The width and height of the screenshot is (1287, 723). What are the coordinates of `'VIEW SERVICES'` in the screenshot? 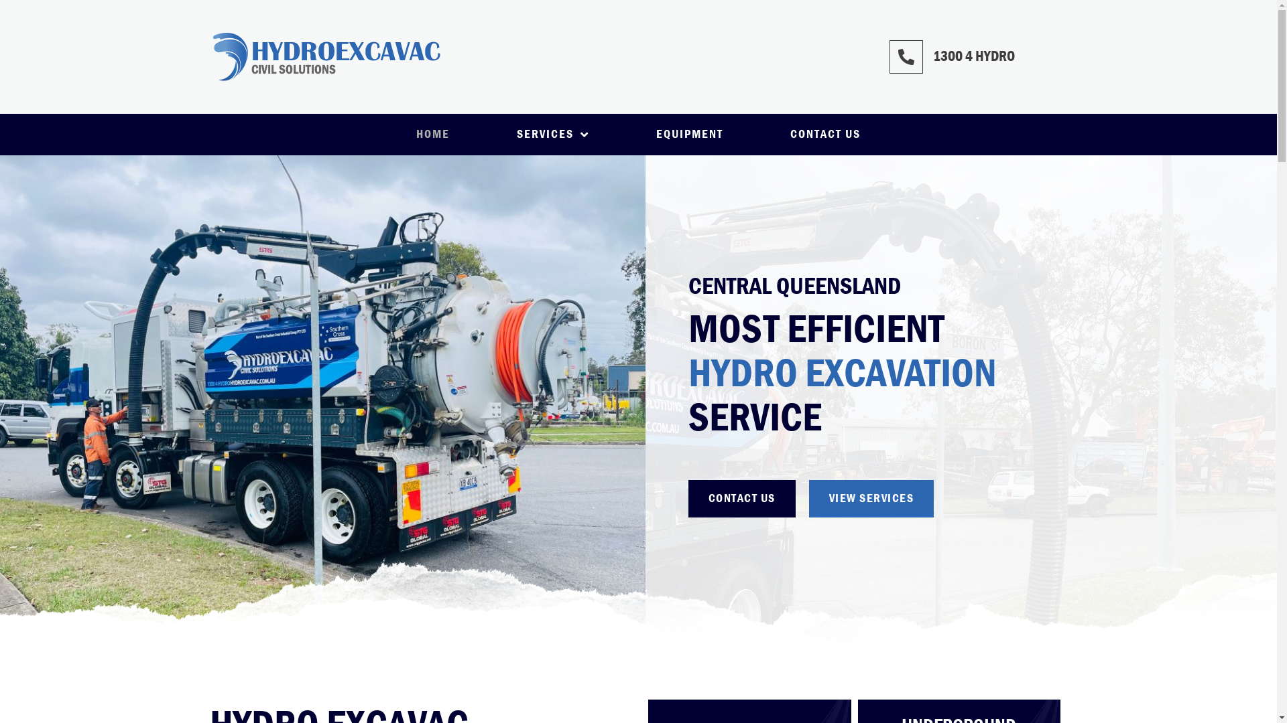 It's located at (808, 498).